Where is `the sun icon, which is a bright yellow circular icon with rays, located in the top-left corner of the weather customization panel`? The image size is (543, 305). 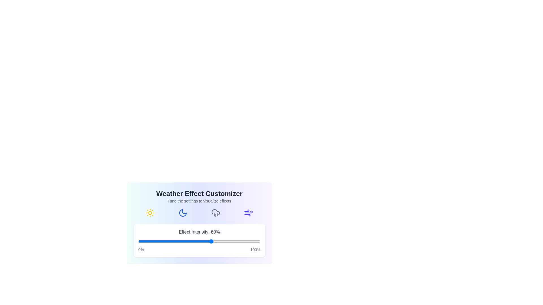 the sun icon, which is a bright yellow circular icon with rays, located in the top-left corner of the weather customization panel is located at coordinates (150, 213).